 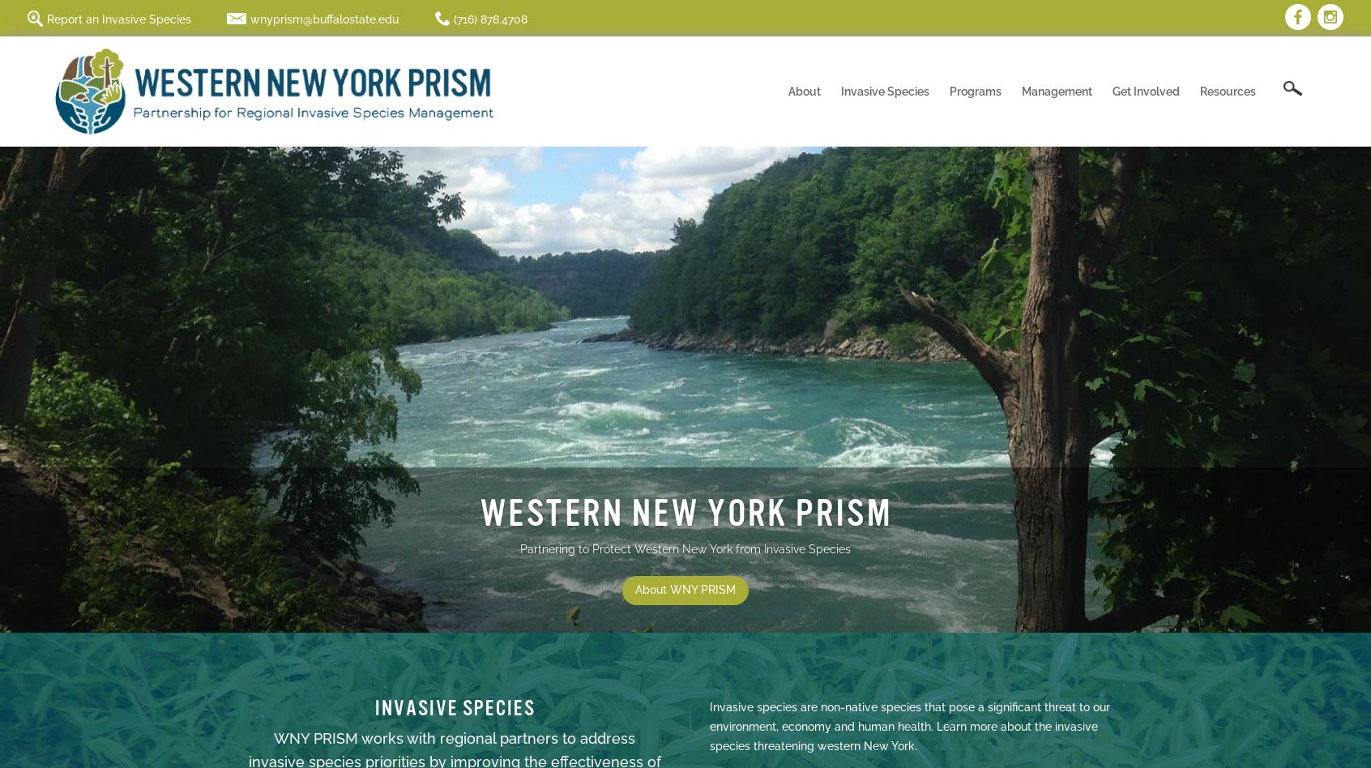 What do you see at coordinates (920, 245) in the screenshot?
I see `'Report an Invasive'` at bounding box center [920, 245].